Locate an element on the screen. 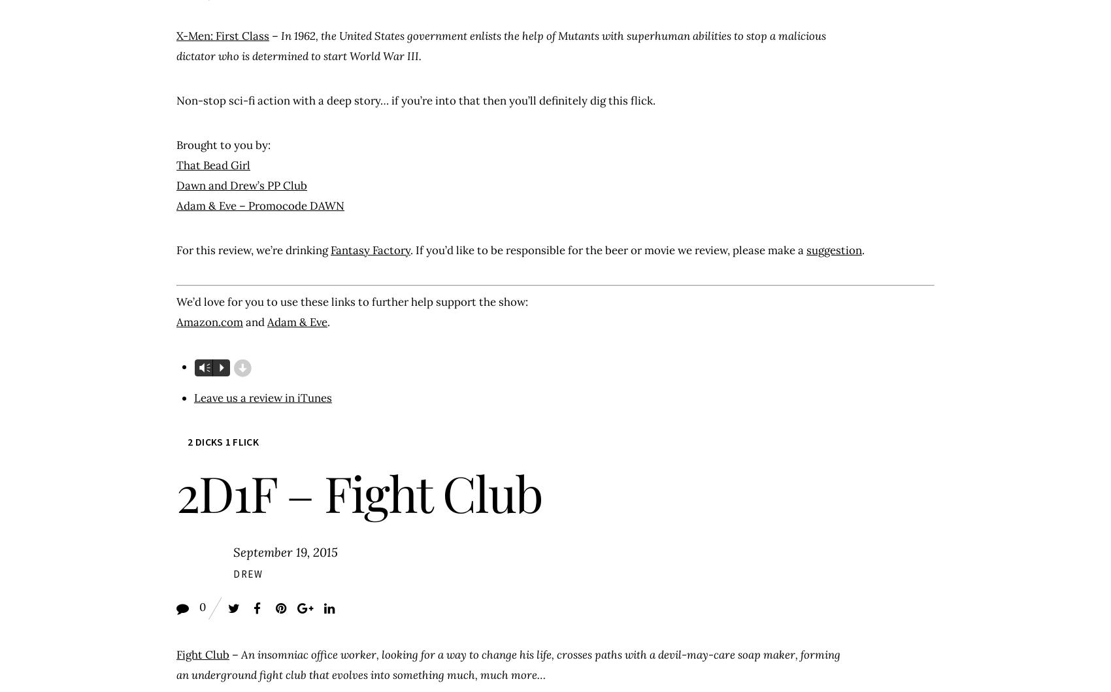 The height and width of the screenshot is (692, 1111). 'In 1962, the United States government enlists the help of Mutants with superhuman abilities to stop a malicious dictator who is determined to start World War III.' is located at coordinates (176, 46).